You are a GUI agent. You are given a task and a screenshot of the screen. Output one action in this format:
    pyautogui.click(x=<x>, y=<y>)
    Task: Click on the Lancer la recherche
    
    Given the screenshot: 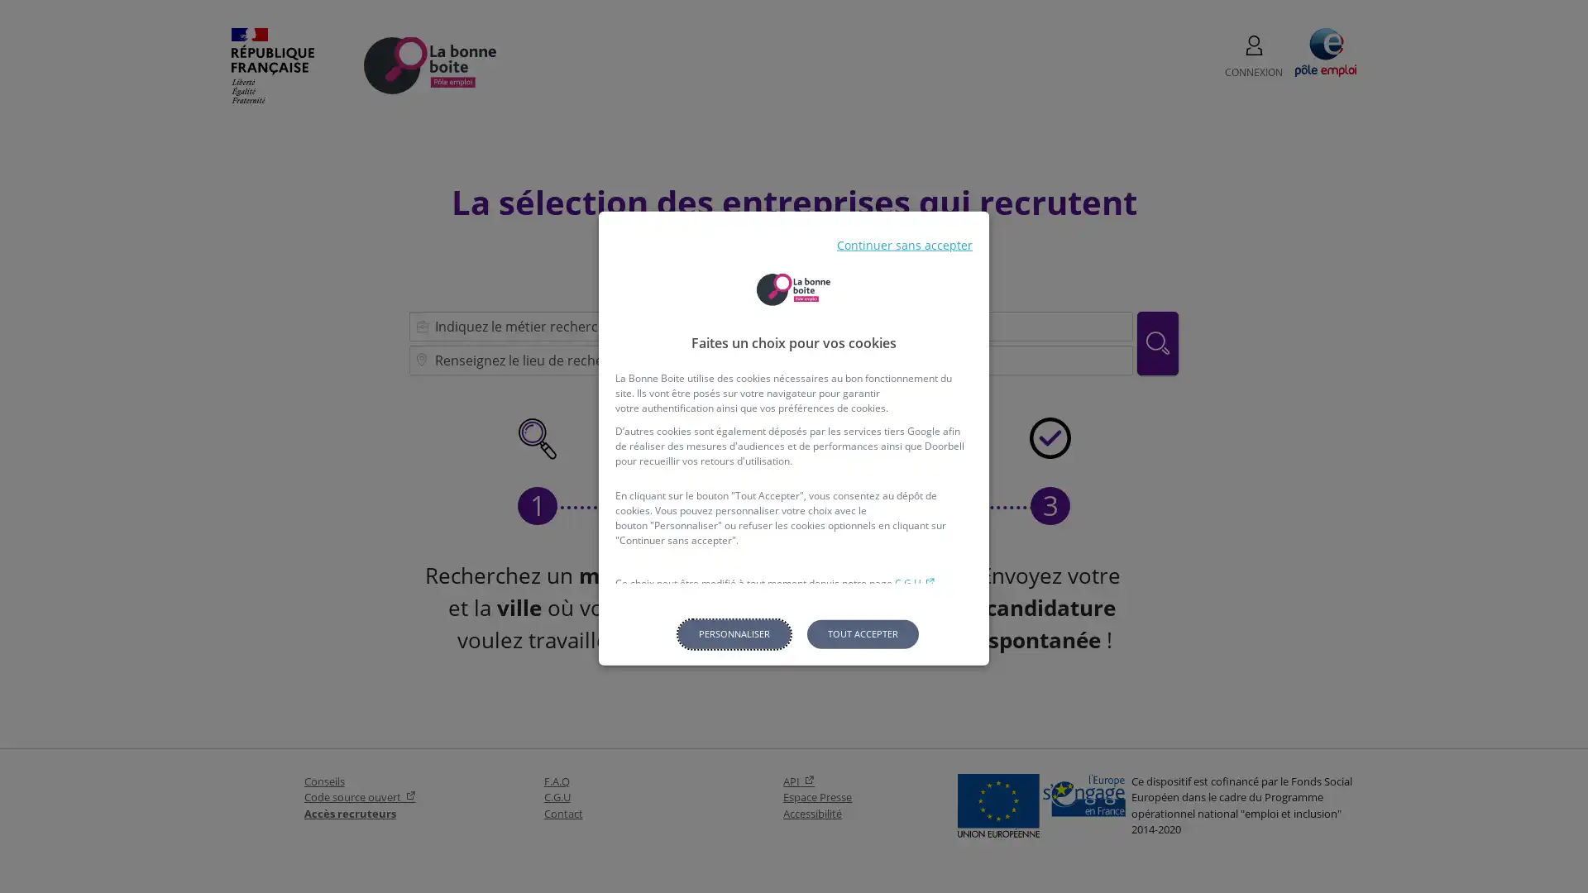 What is the action you would take?
    pyautogui.click(x=1157, y=341)
    